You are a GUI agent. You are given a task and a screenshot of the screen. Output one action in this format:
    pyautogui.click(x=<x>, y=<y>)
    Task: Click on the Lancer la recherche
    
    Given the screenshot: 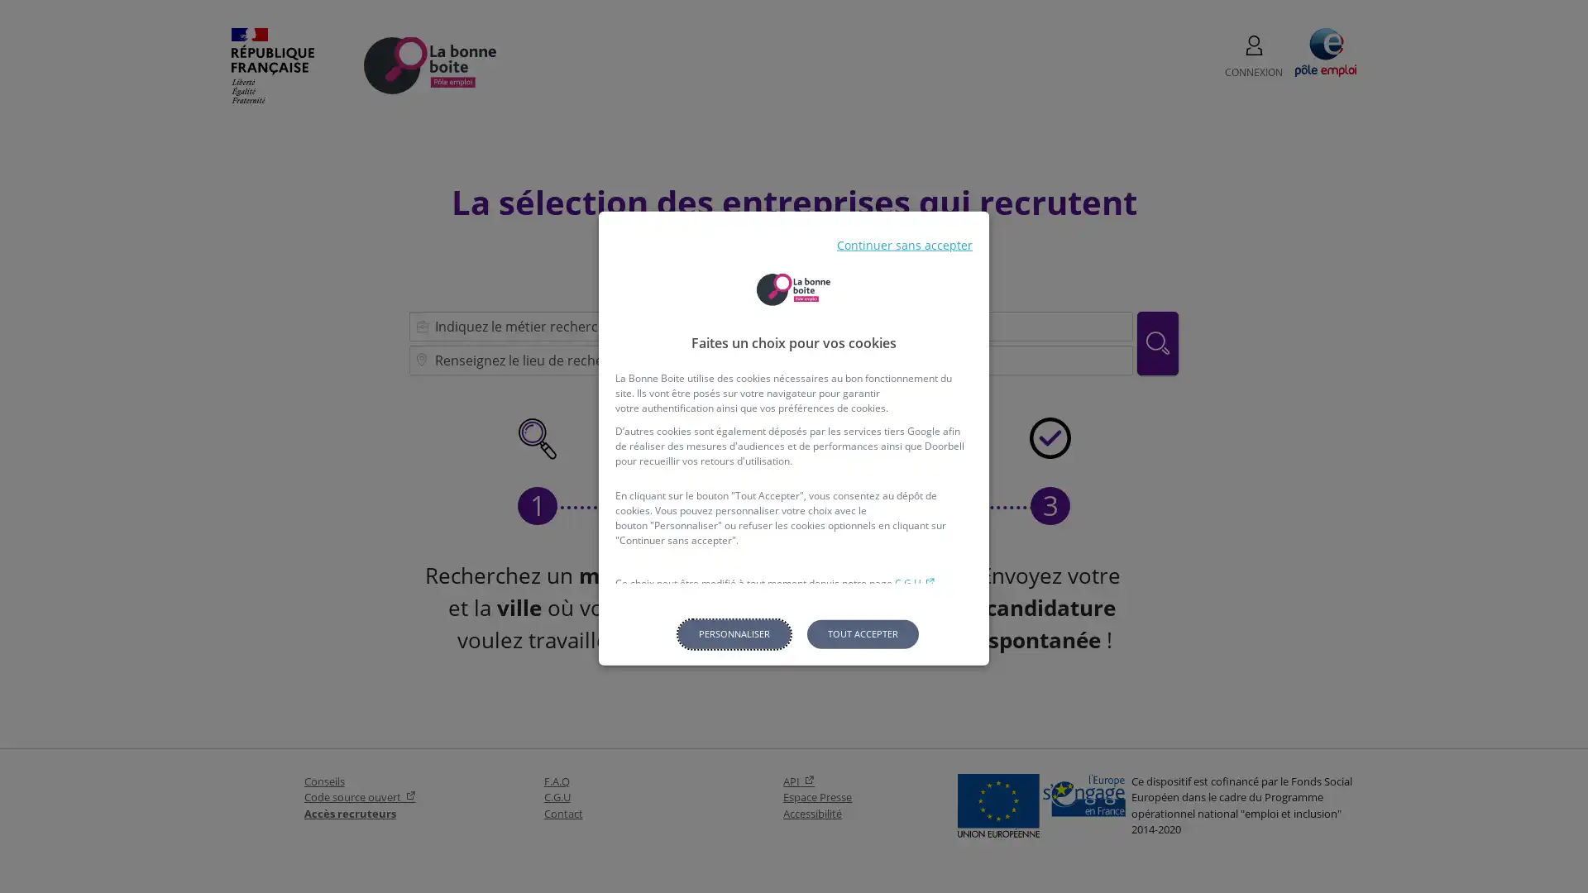 What is the action you would take?
    pyautogui.click(x=1157, y=341)
    